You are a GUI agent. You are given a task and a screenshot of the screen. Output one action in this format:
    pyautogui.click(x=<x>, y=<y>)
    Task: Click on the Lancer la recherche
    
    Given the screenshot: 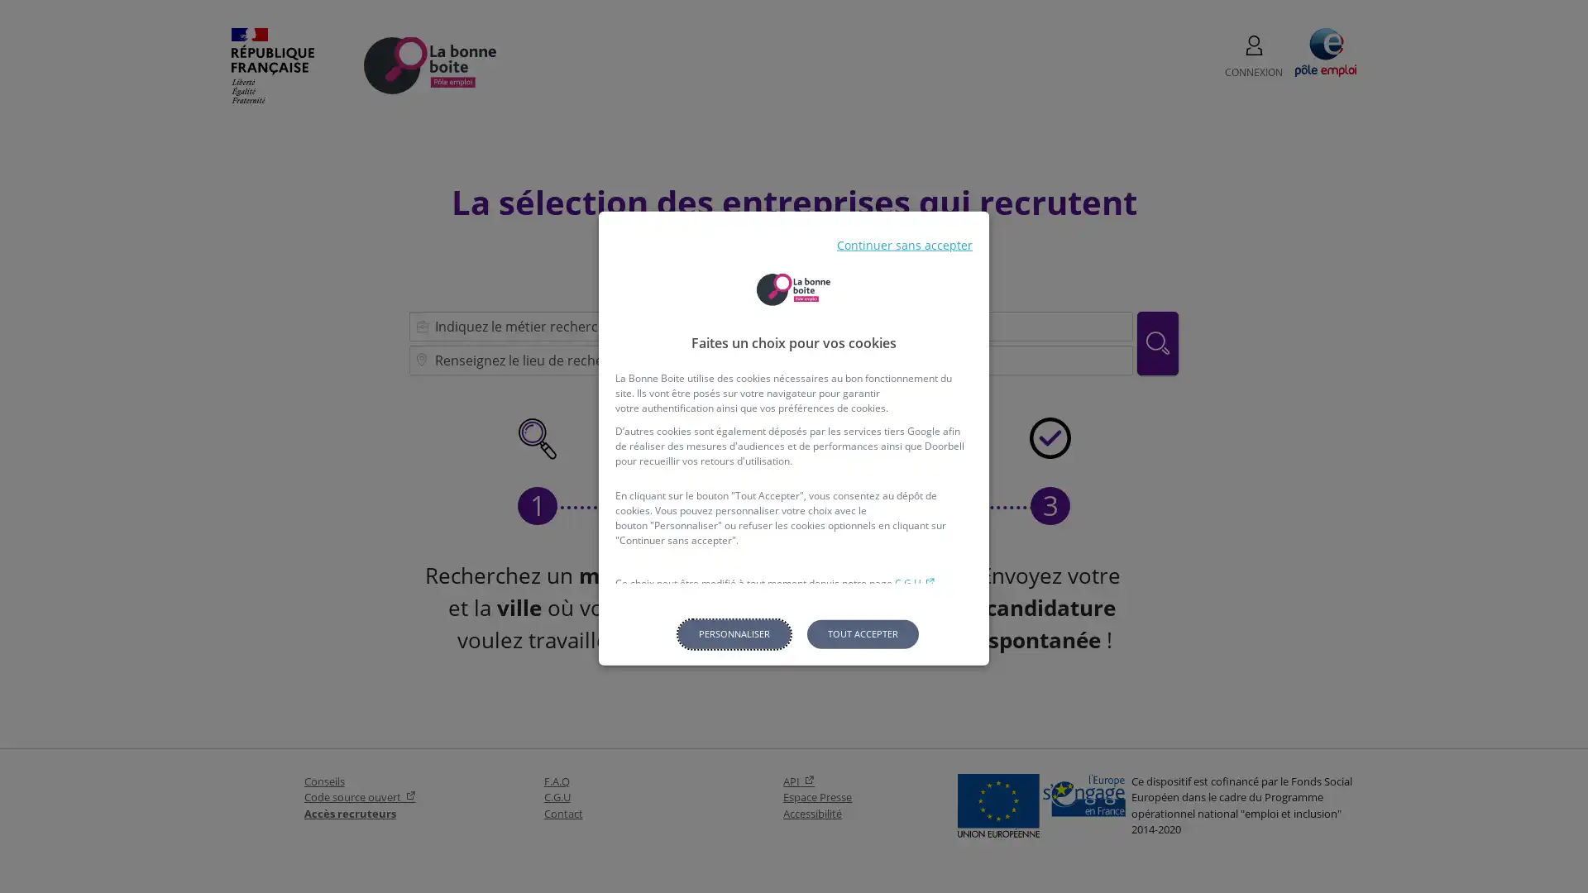 What is the action you would take?
    pyautogui.click(x=1157, y=341)
    